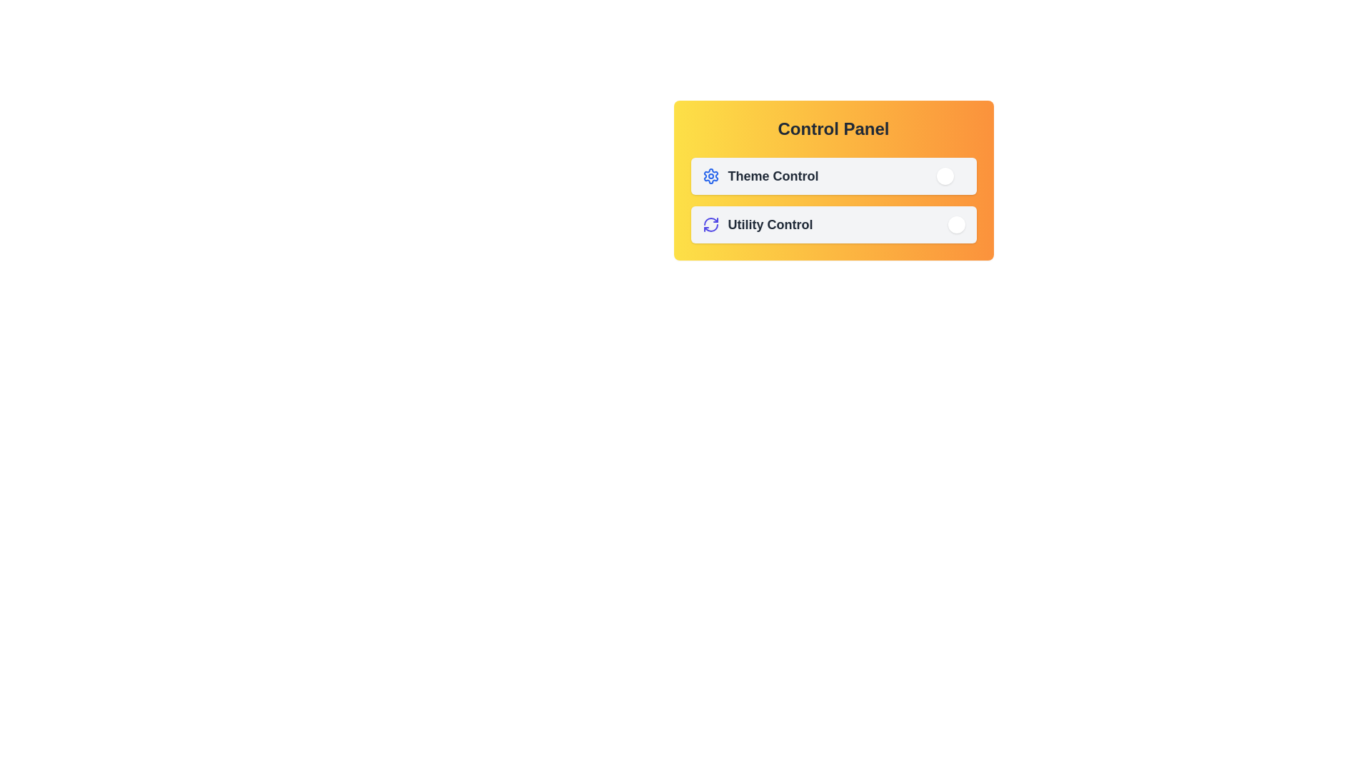  Describe the element at coordinates (710, 225) in the screenshot. I see `the refresh icon located to the left of 'Utility Control' within the orange-yellow card labeled 'Control Panel'` at that location.